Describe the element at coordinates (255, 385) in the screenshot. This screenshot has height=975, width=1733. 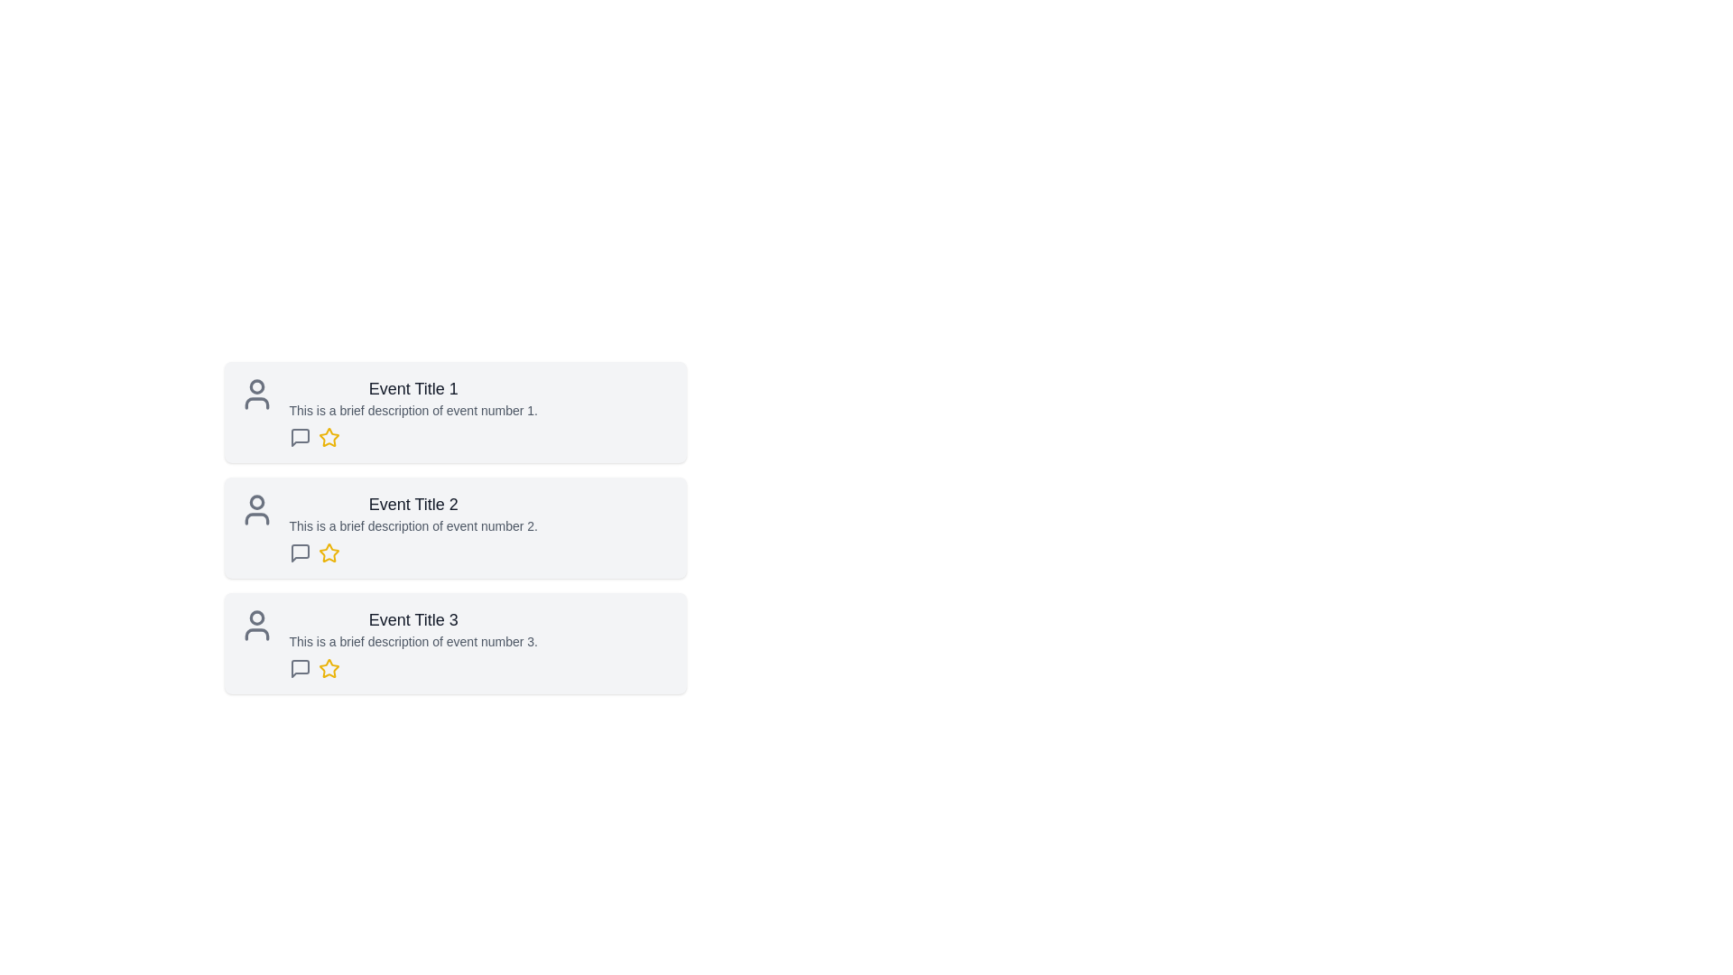
I see `the decorative filled circle that represents the user's head in the top-left user icon of the first event card` at that location.